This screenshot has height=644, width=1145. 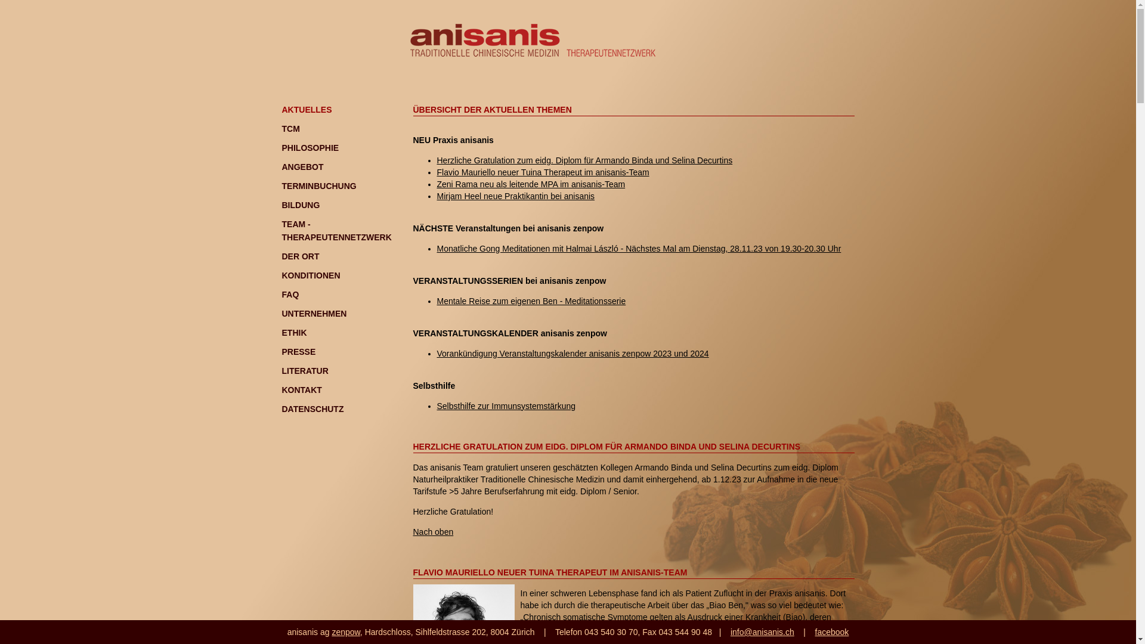 I want to click on 'Nach oben', so click(x=432, y=531).